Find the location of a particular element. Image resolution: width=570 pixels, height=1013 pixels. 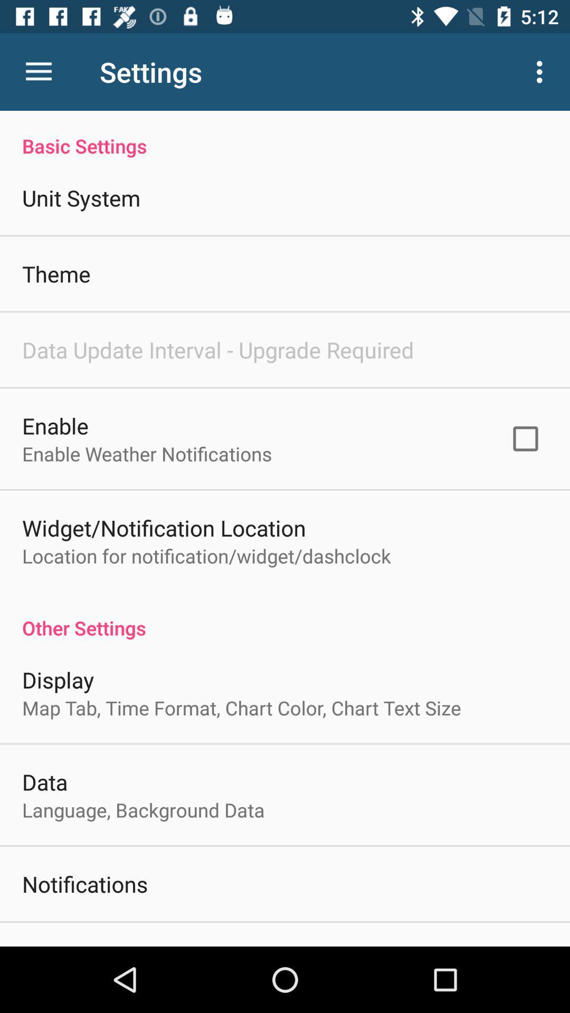

item to the right of the enable weather notifications icon is located at coordinates (525, 438).